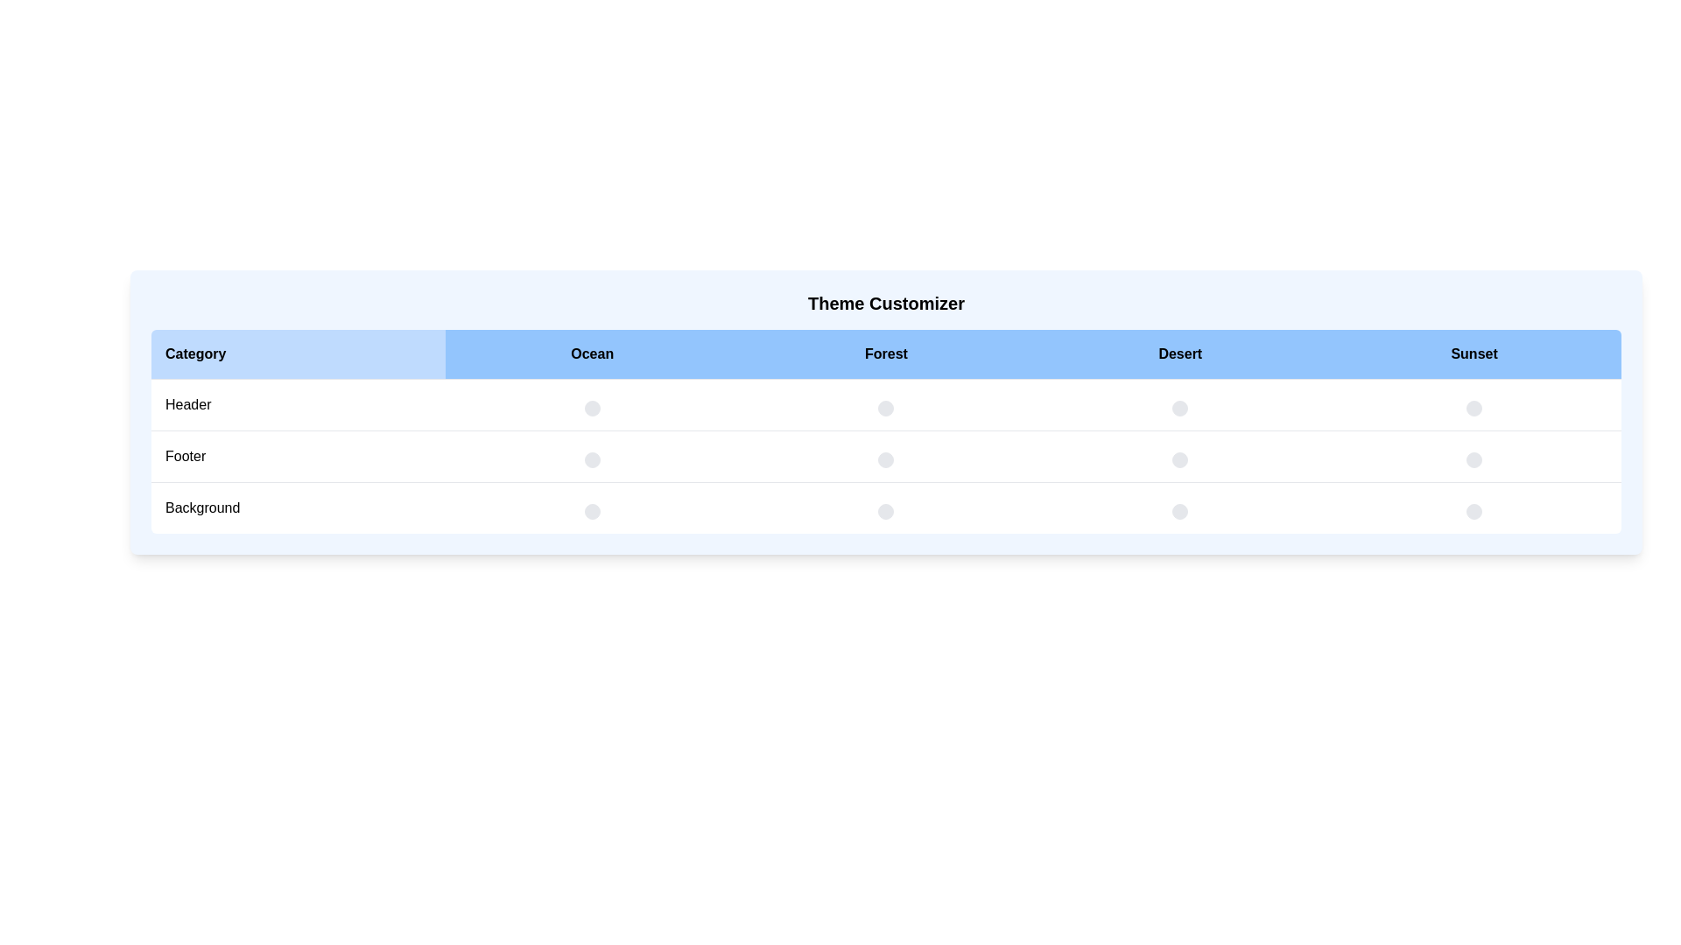 This screenshot has width=1681, height=945. I want to click on the 'Forest' theme button located in the second row of the 'Footer' category in the 'Theme Customizer', so click(886, 408).